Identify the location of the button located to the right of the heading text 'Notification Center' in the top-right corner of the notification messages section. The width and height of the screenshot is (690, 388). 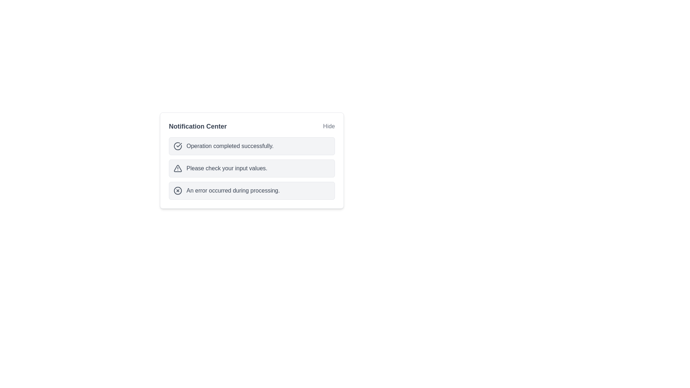
(328, 126).